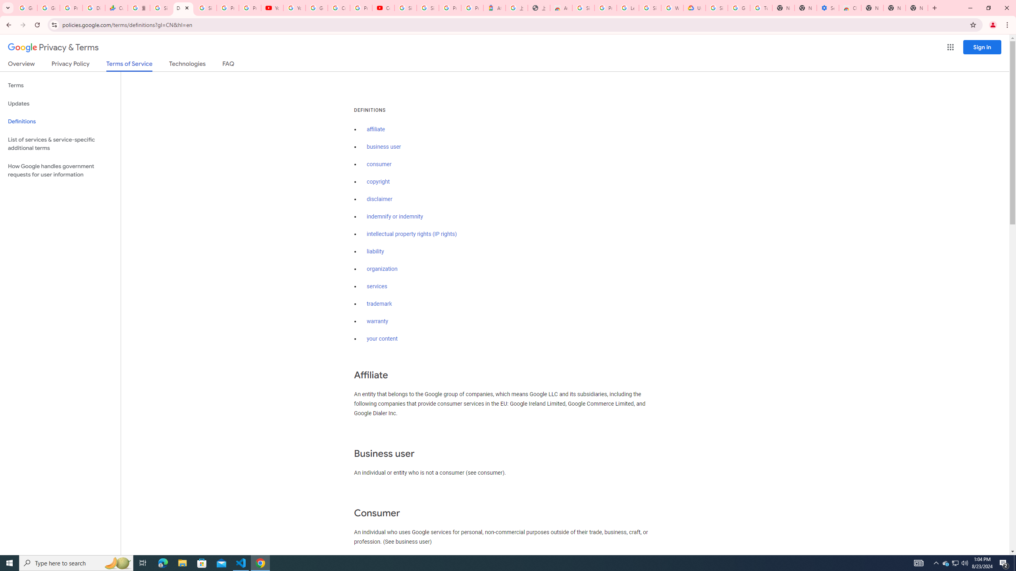 This screenshot has height=571, width=1016. Describe the element at coordinates (250, 8) in the screenshot. I see `'Privacy Checkup'` at that location.